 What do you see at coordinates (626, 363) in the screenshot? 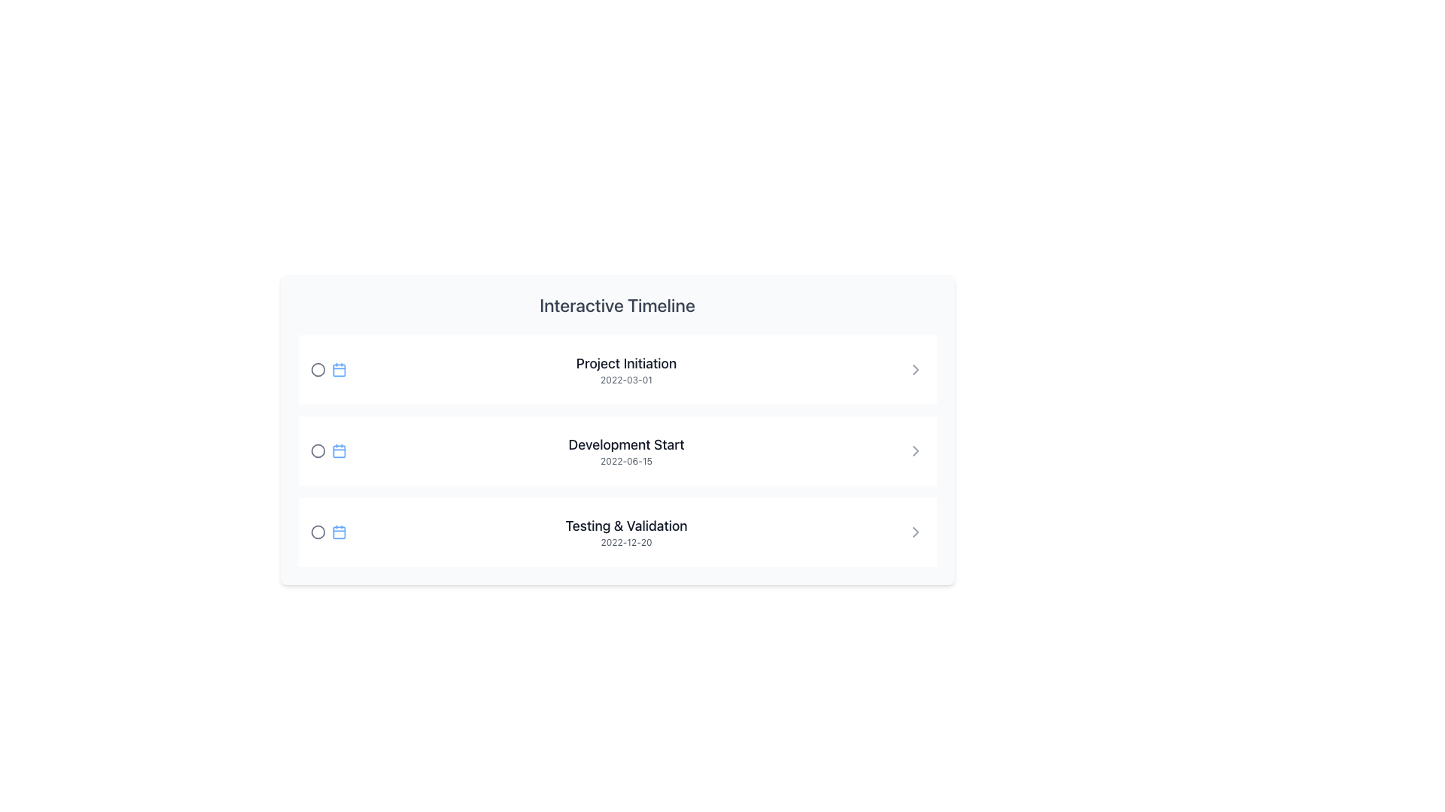
I see `the Text Label that serves as the title for the associated milestone, positioned at the upper section of the list of milestones` at bounding box center [626, 363].